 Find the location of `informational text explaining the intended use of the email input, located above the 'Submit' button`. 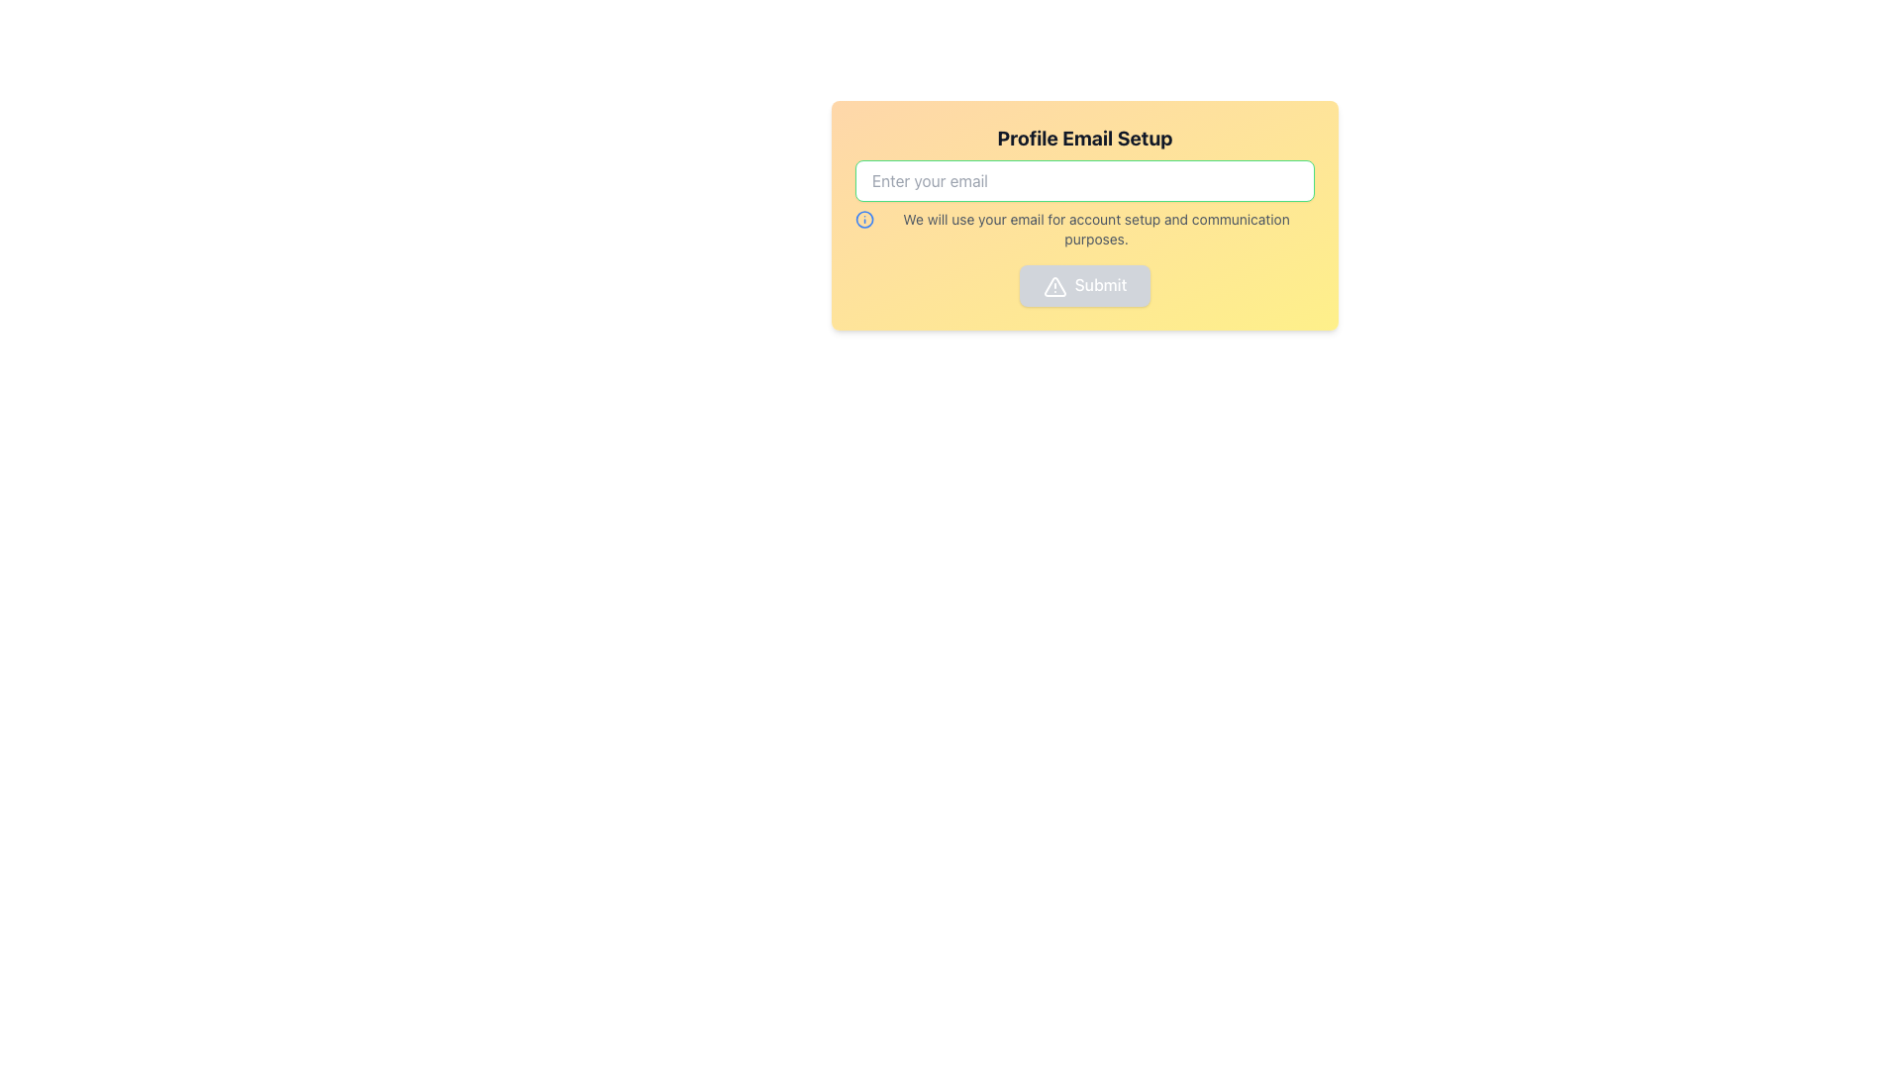

informational text explaining the intended use of the email input, located above the 'Submit' button is located at coordinates (1095, 228).